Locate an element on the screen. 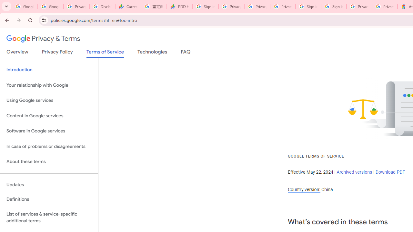 This screenshot has height=232, width=413. 'Content in Google services' is located at coordinates (49, 115).